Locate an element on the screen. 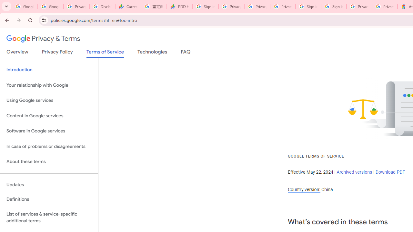 This screenshot has height=232, width=413. 'Content in Google services' is located at coordinates (49, 115).